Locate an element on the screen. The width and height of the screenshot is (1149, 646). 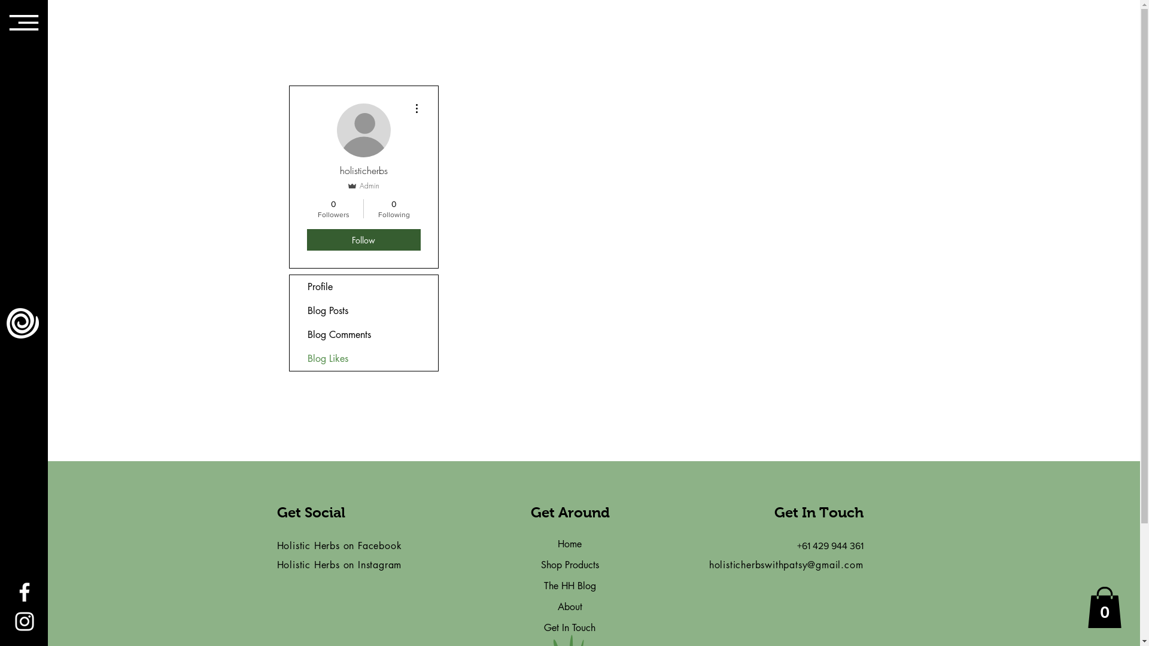
'Shop Products' is located at coordinates (569, 565).